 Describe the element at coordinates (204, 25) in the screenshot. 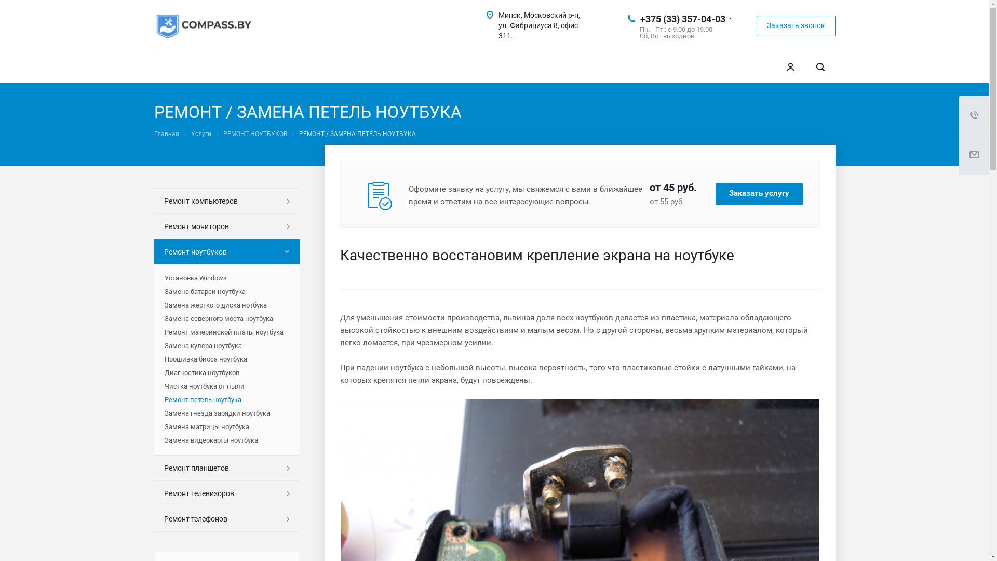

I see `'compass.by'` at that location.